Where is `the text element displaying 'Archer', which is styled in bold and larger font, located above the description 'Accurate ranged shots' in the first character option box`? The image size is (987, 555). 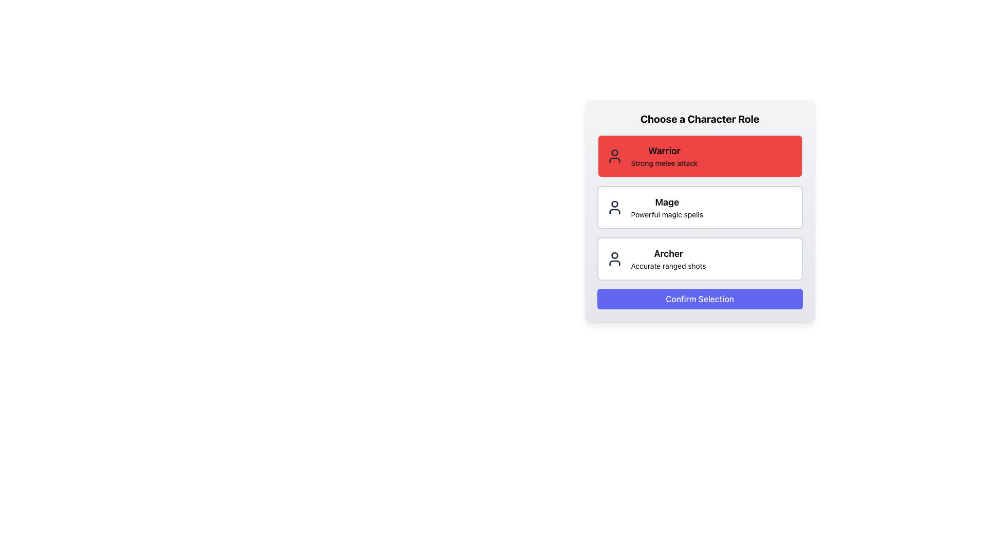 the text element displaying 'Archer', which is styled in bold and larger font, located above the description 'Accurate ranged shots' in the first character option box is located at coordinates (668, 253).